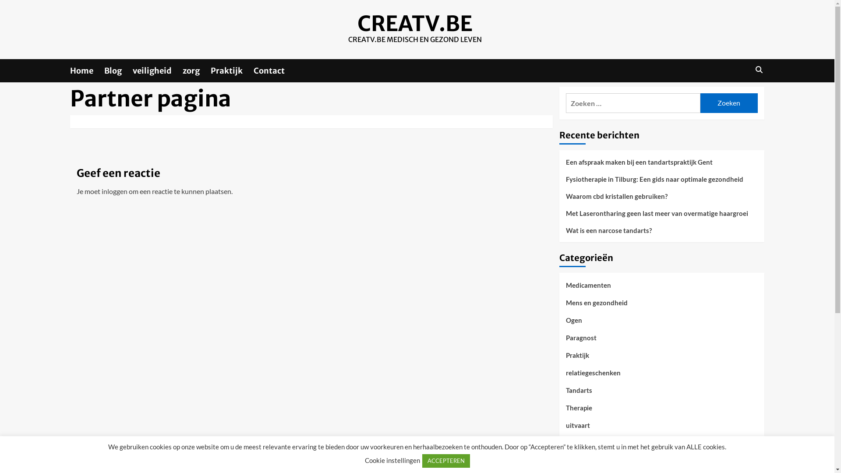 This screenshot has width=841, height=473. What do you see at coordinates (357, 23) in the screenshot?
I see `'CREATV.BE'` at bounding box center [357, 23].